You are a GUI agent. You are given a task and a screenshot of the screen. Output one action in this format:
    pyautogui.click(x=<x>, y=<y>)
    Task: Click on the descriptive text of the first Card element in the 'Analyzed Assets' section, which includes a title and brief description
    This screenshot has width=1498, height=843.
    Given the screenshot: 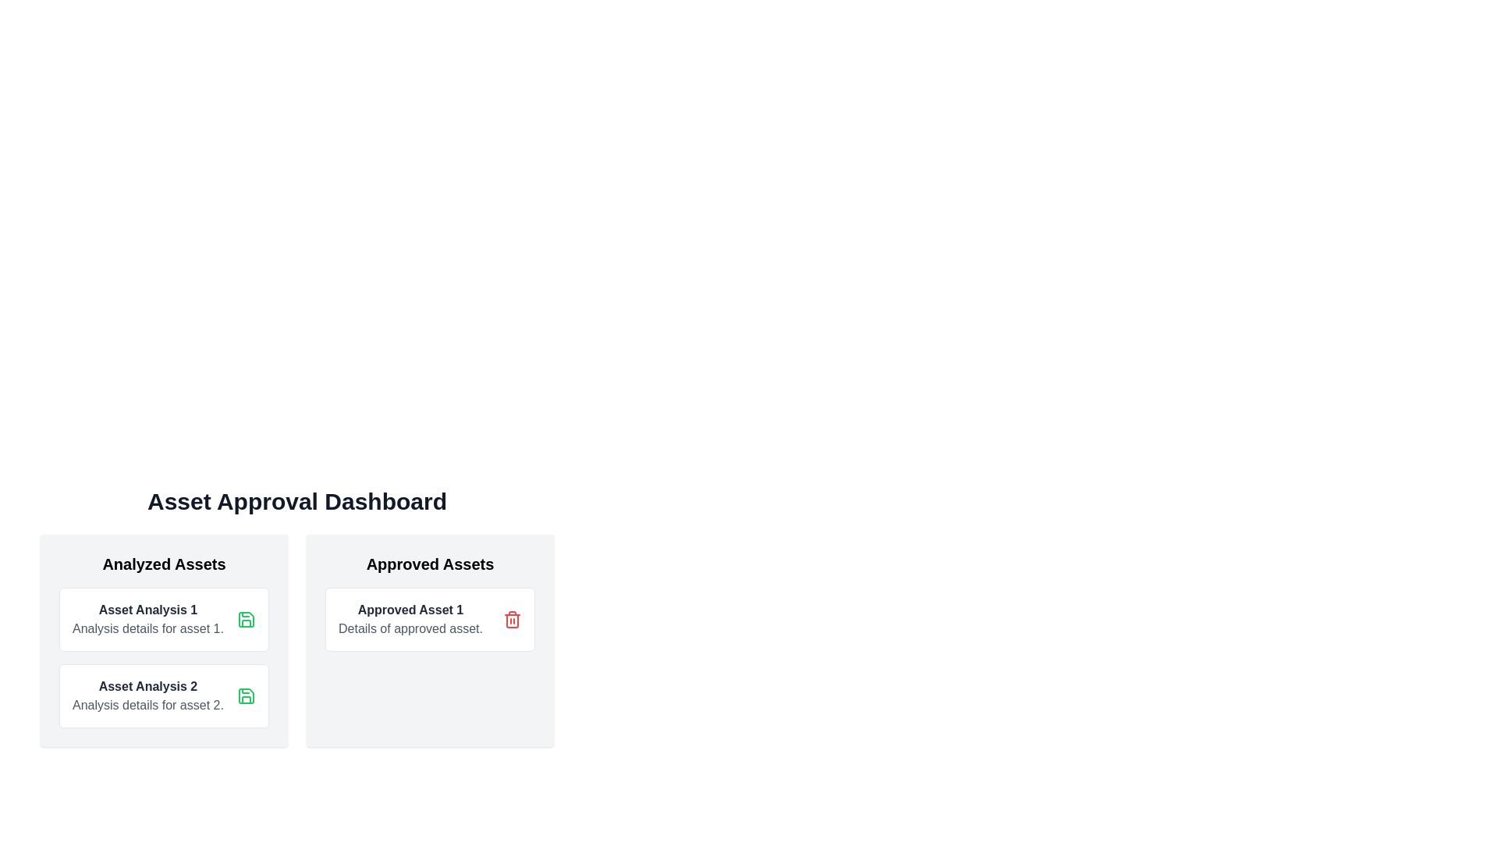 What is the action you would take?
    pyautogui.click(x=164, y=619)
    